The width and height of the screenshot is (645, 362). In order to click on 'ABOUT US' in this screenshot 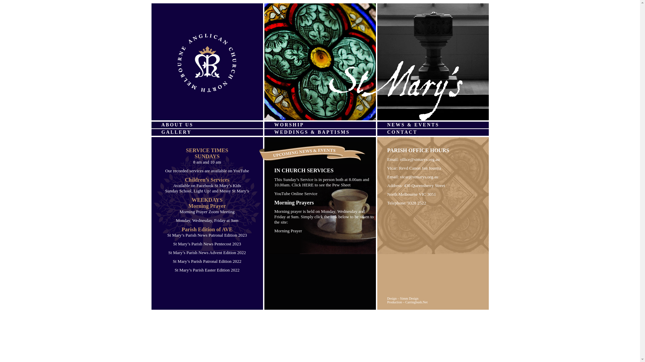, I will do `click(206, 125)`.